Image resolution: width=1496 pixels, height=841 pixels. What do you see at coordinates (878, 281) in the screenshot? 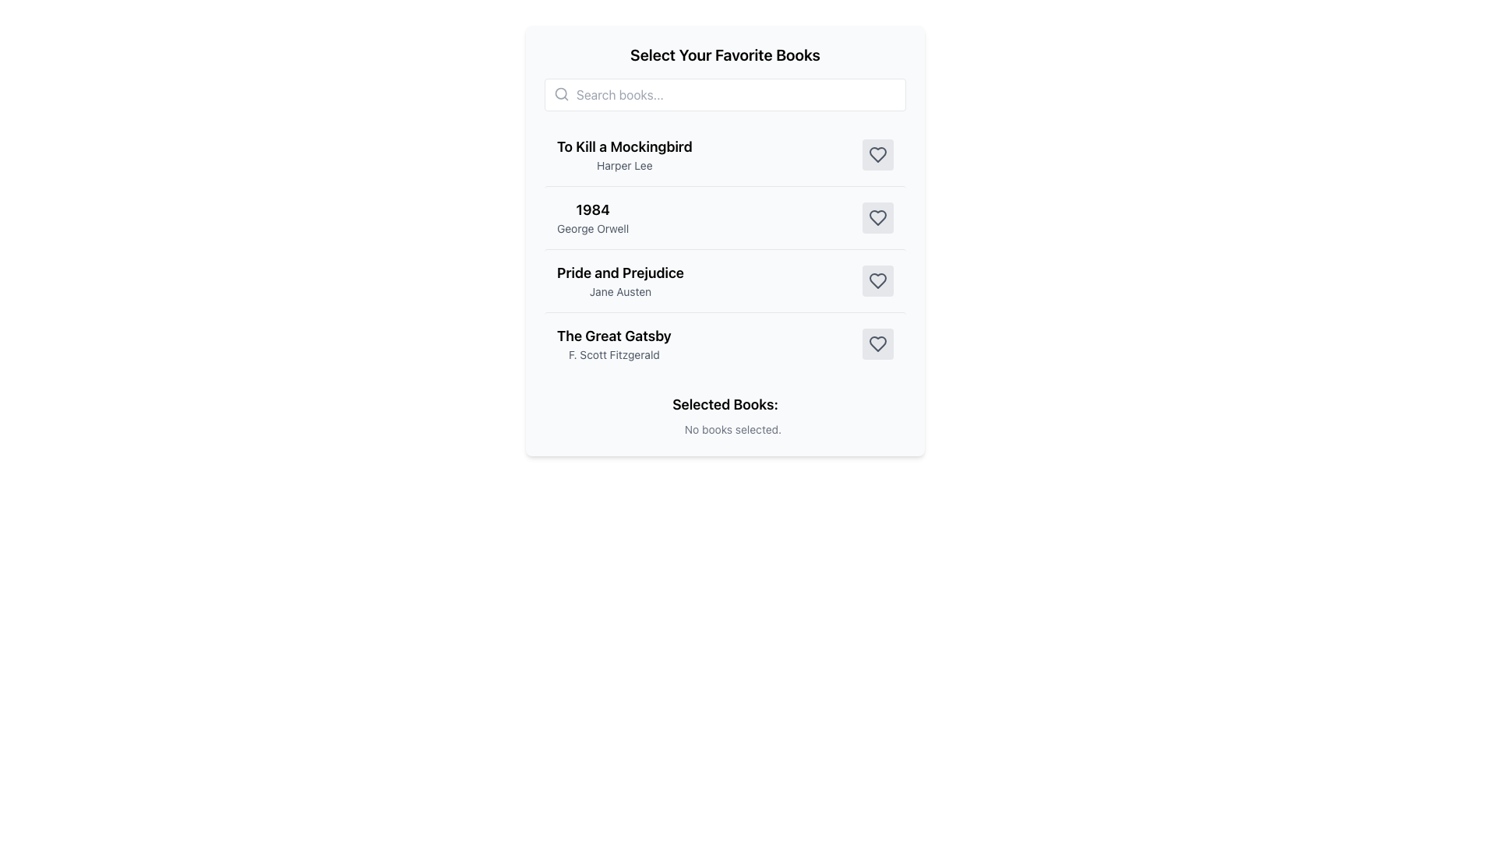
I see `the toggle button for marking or unmarking 'Pride and Prejudice' as favorite` at bounding box center [878, 281].